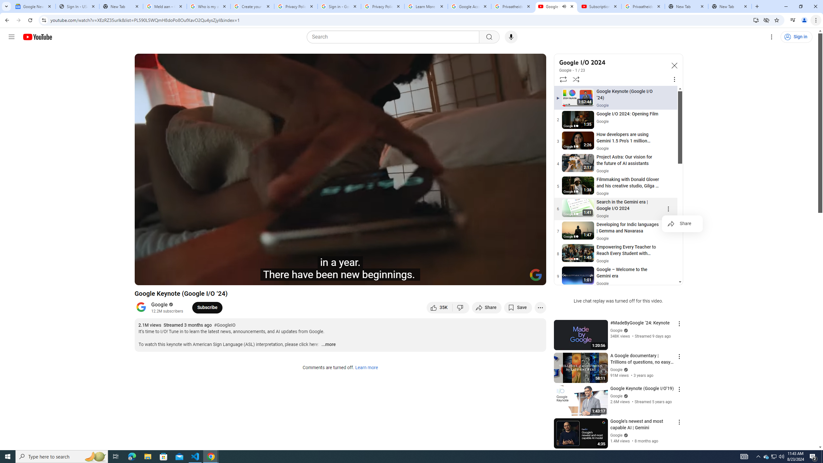 This screenshot has height=463, width=823. I want to click on 'Subtitles/closed captions unavailable', so click(472, 277).